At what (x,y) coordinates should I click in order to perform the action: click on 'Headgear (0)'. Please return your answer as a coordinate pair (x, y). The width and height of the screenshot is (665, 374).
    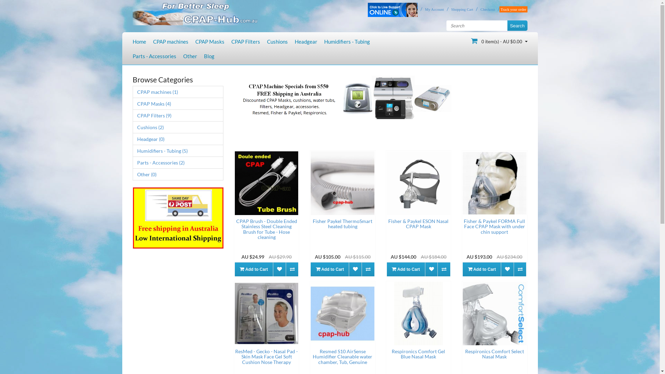
    Looking at the image, I should click on (178, 139).